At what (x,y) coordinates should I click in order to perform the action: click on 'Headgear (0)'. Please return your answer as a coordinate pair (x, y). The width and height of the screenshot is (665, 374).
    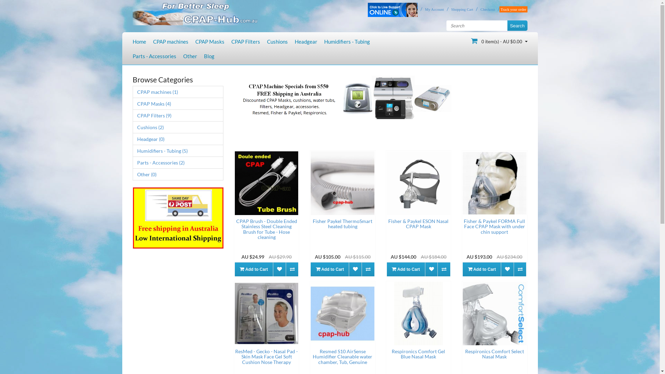
    Looking at the image, I should click on (178, 139).